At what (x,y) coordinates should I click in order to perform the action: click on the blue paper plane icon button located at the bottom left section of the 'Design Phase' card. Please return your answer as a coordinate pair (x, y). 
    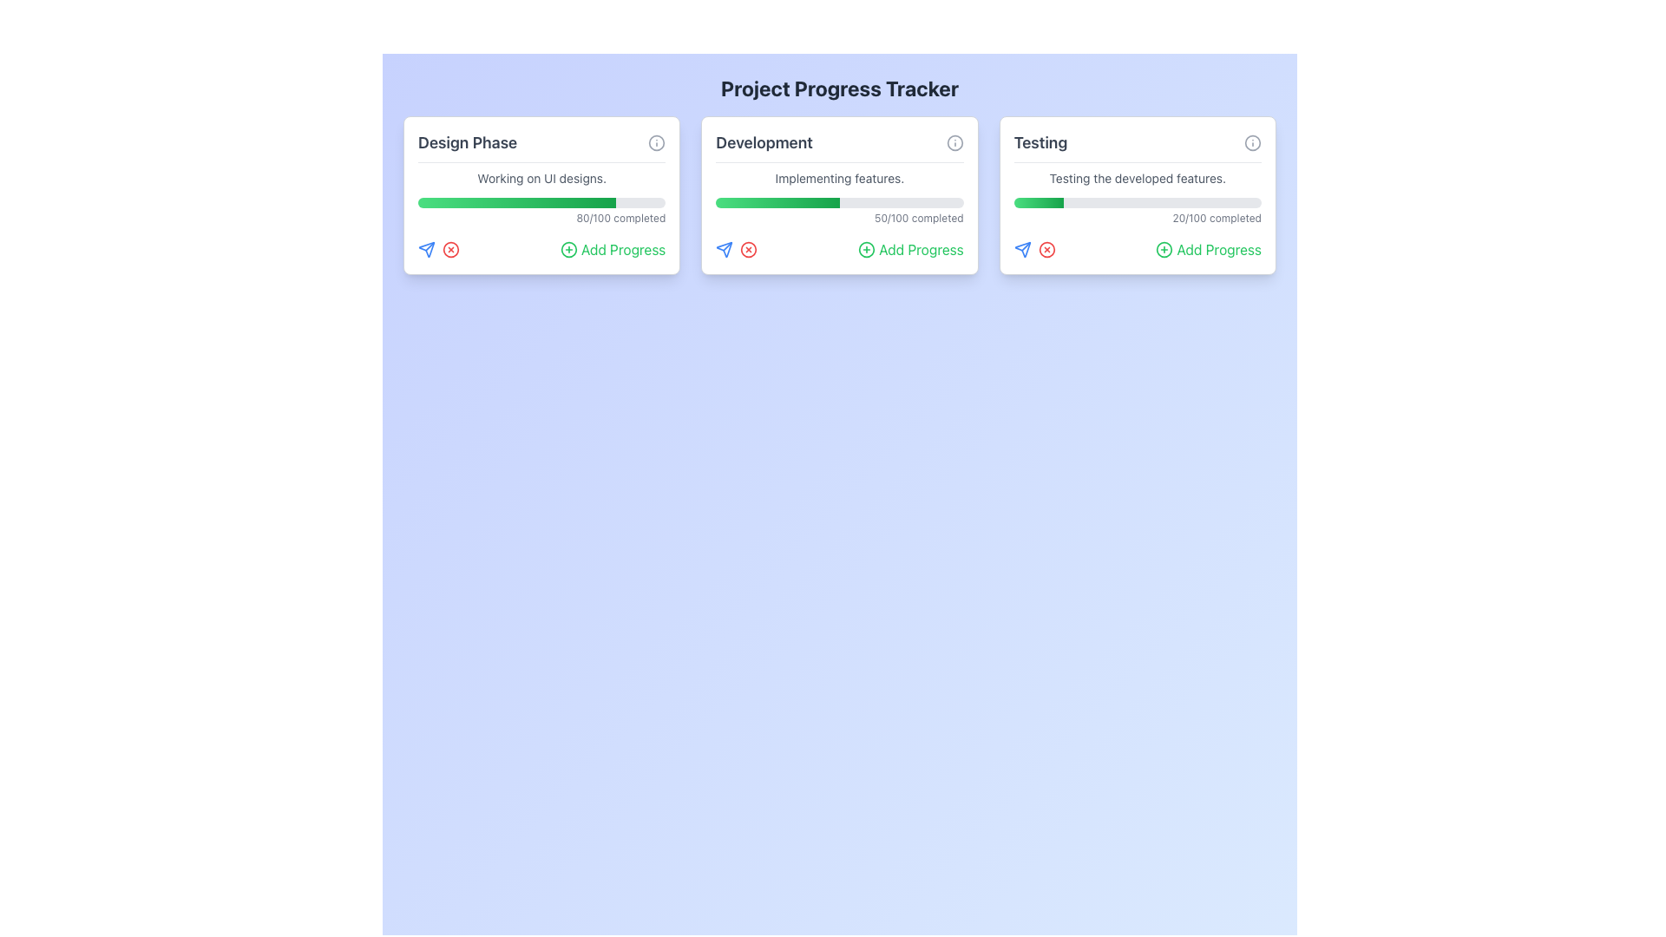
    Looking at the image, I should click on (426, 250).